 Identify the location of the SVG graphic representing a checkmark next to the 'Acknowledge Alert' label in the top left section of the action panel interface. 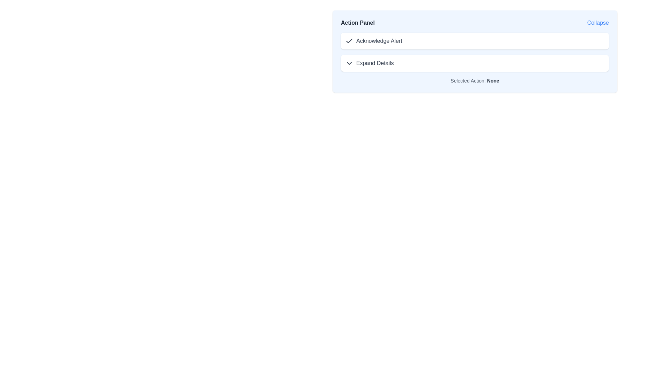
(349, 41).